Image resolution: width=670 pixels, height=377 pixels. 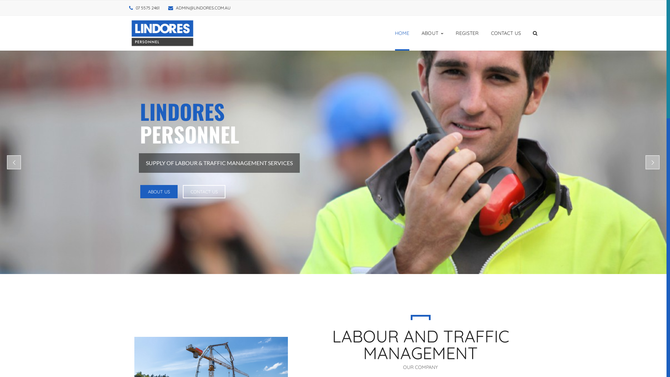 What do you see at coordinates (402, 33) in the screenshot?
I see `'HOME'` at bounding box center [402, 33].